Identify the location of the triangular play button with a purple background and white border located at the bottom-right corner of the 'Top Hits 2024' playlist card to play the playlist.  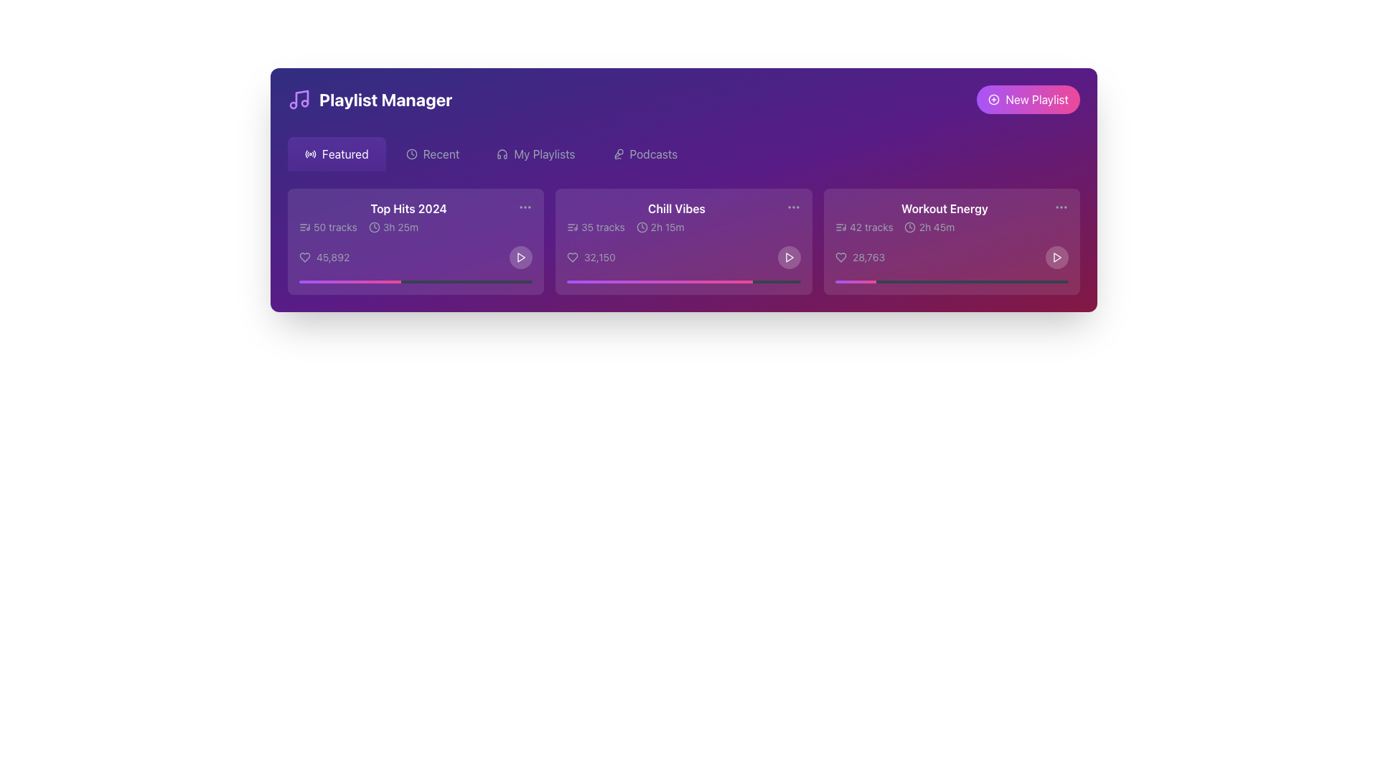
(520, 256).